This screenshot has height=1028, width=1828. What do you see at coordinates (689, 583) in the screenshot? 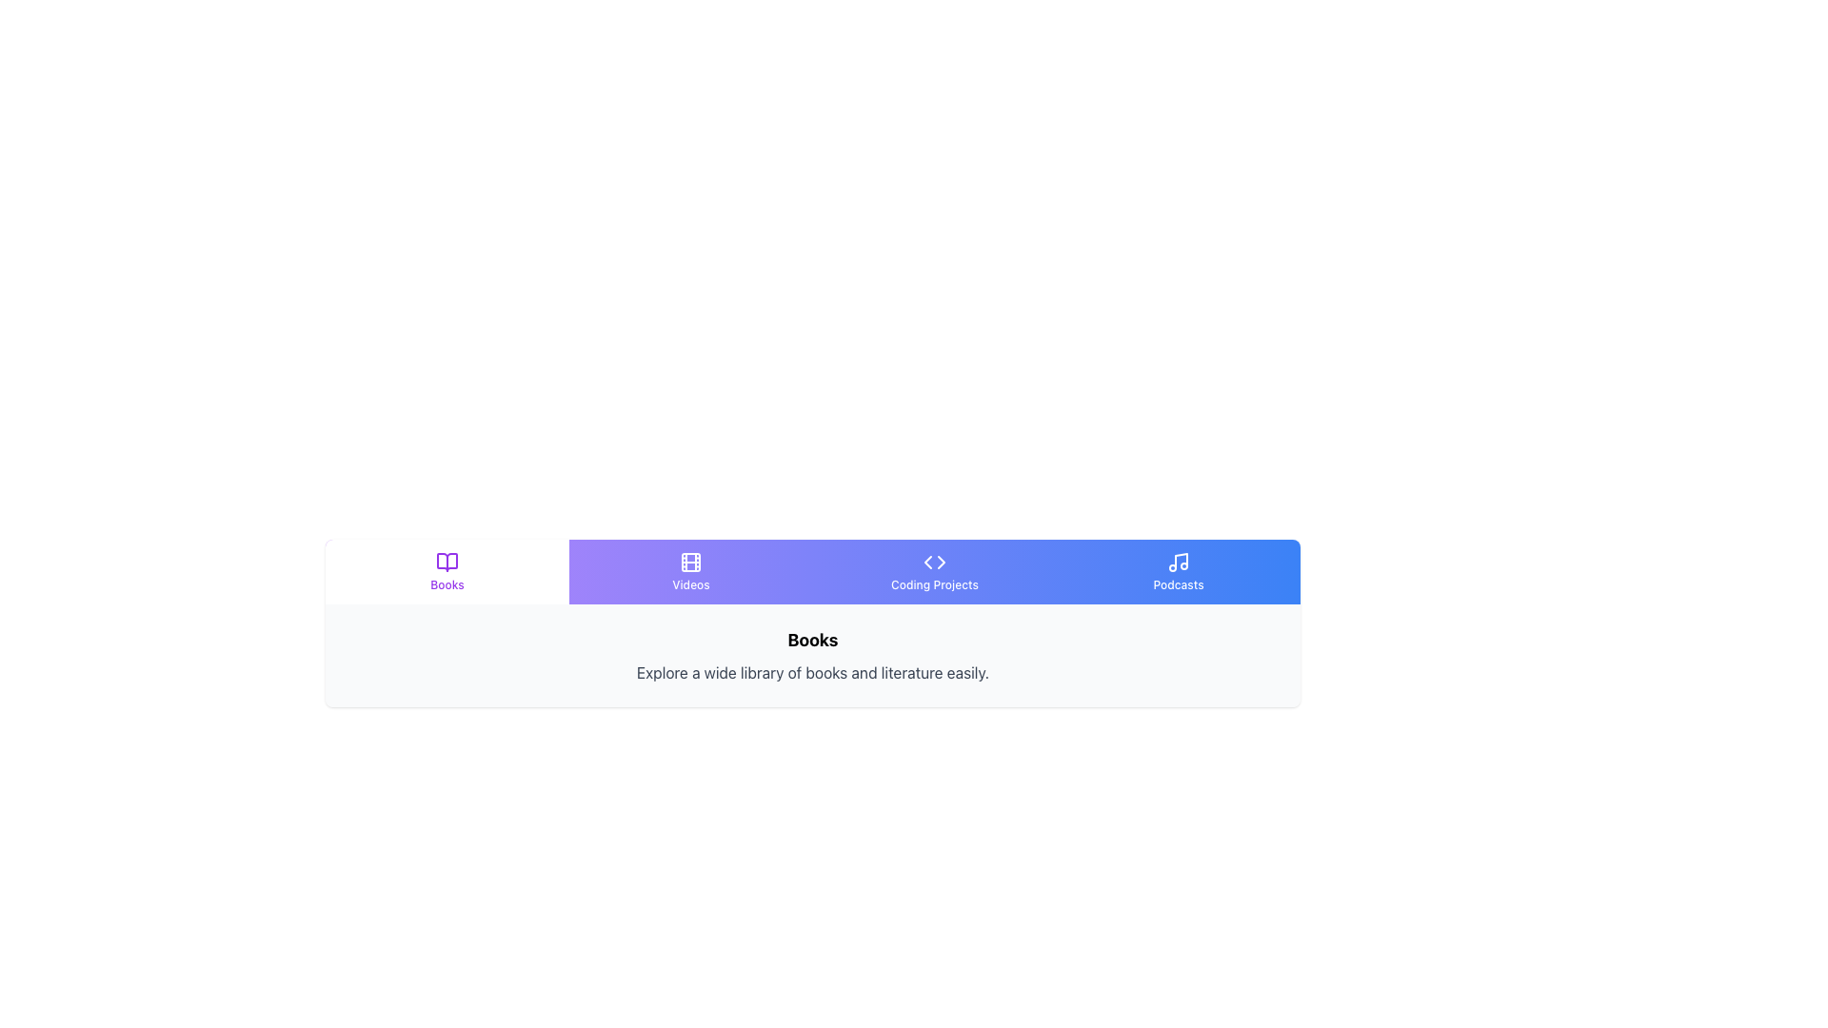
I see `the text label indicating video-related content, which is centered below a film roll icon in the navigation bar` at bounding box center [689, 583].